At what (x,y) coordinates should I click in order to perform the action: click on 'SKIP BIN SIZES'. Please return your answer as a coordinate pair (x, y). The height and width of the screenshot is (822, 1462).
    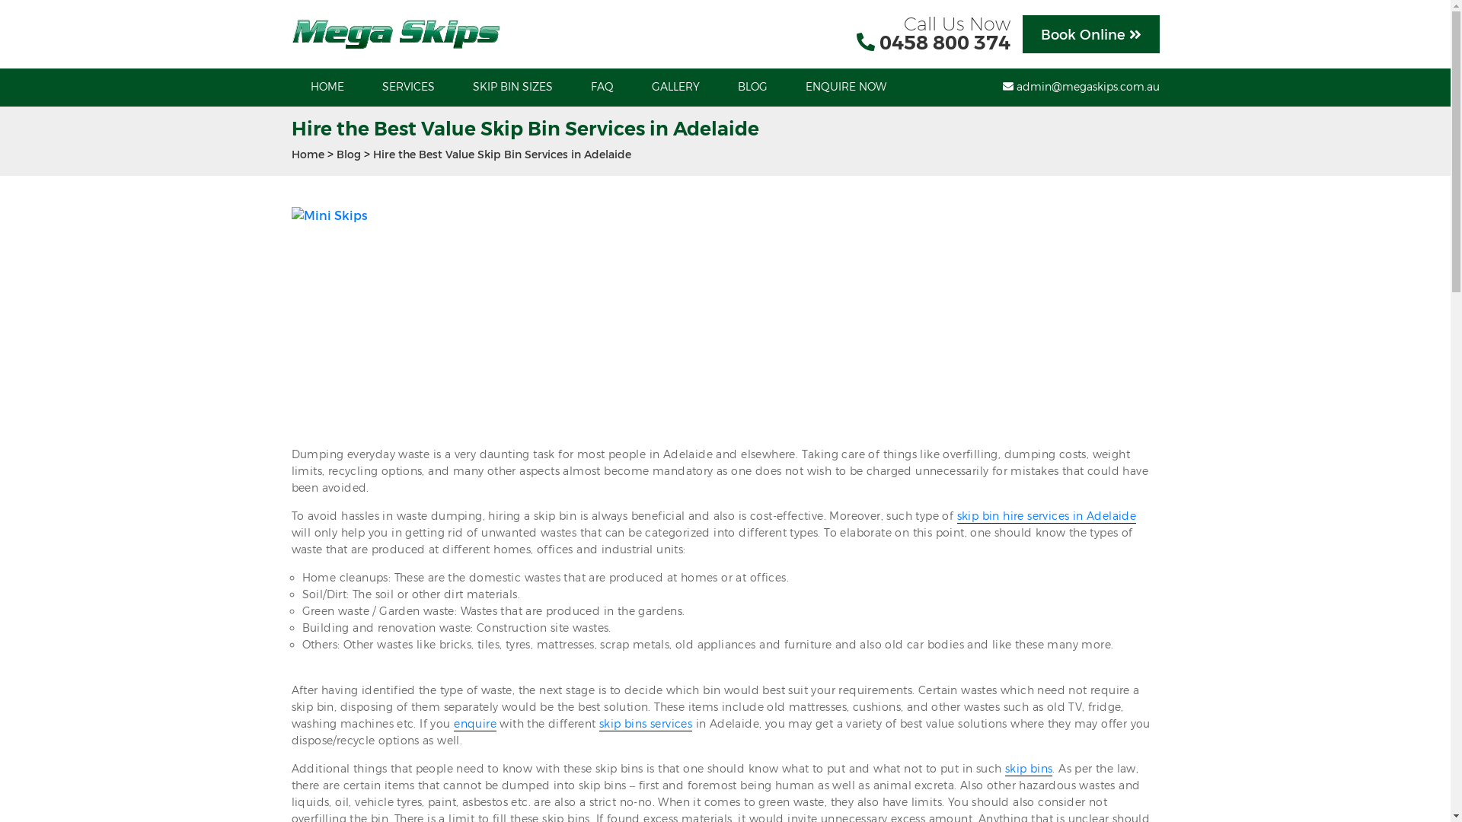
    Looking at the image, I should click on (512, 88).